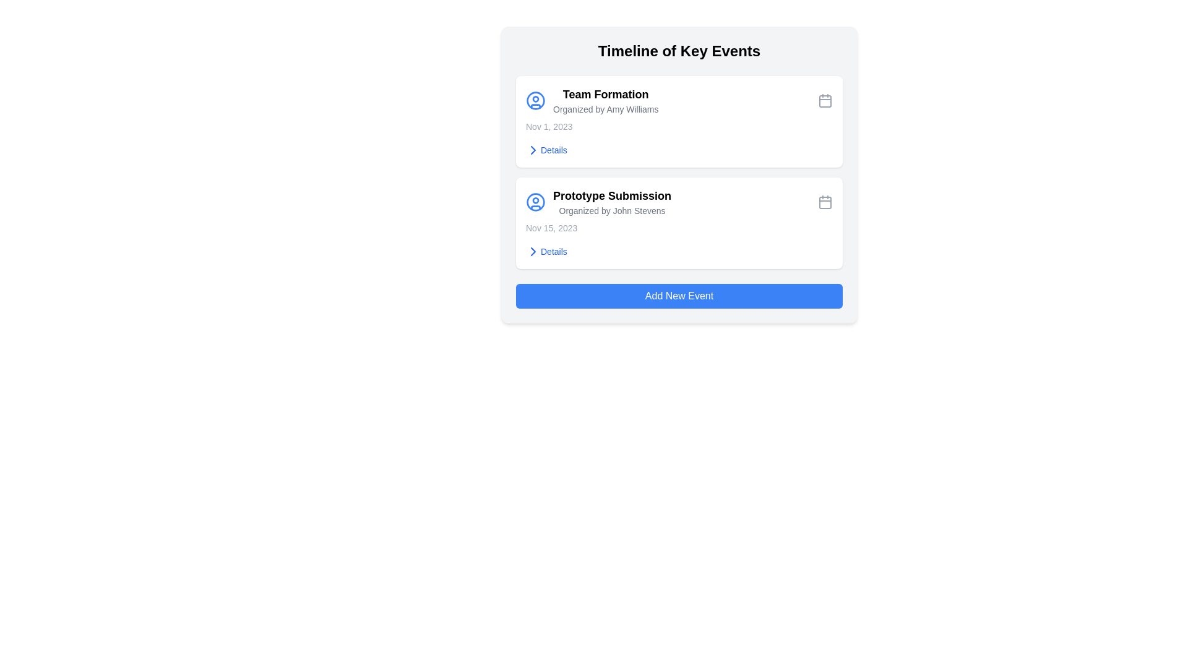  What do you see at coordinates (825, 100) in the screenshot?
I see `the calendar icon located at the far-right of the 'Team Formation' row, which is organized by Amy Williams, to access adjacent content for context` at bounding box center [825, 100].